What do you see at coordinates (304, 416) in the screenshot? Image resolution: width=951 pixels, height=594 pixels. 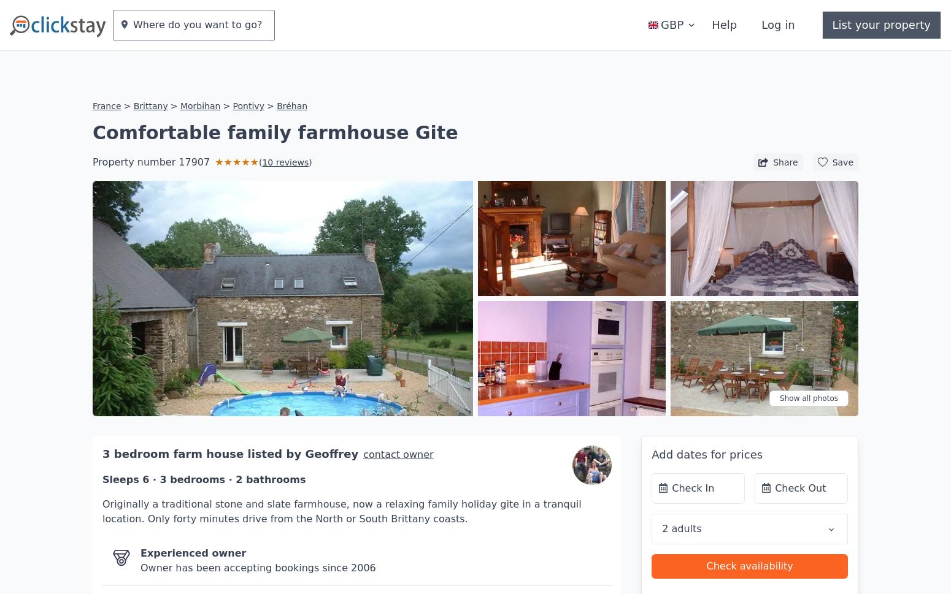 I see `'Geoffrey'` at bounding box center [304, 416].